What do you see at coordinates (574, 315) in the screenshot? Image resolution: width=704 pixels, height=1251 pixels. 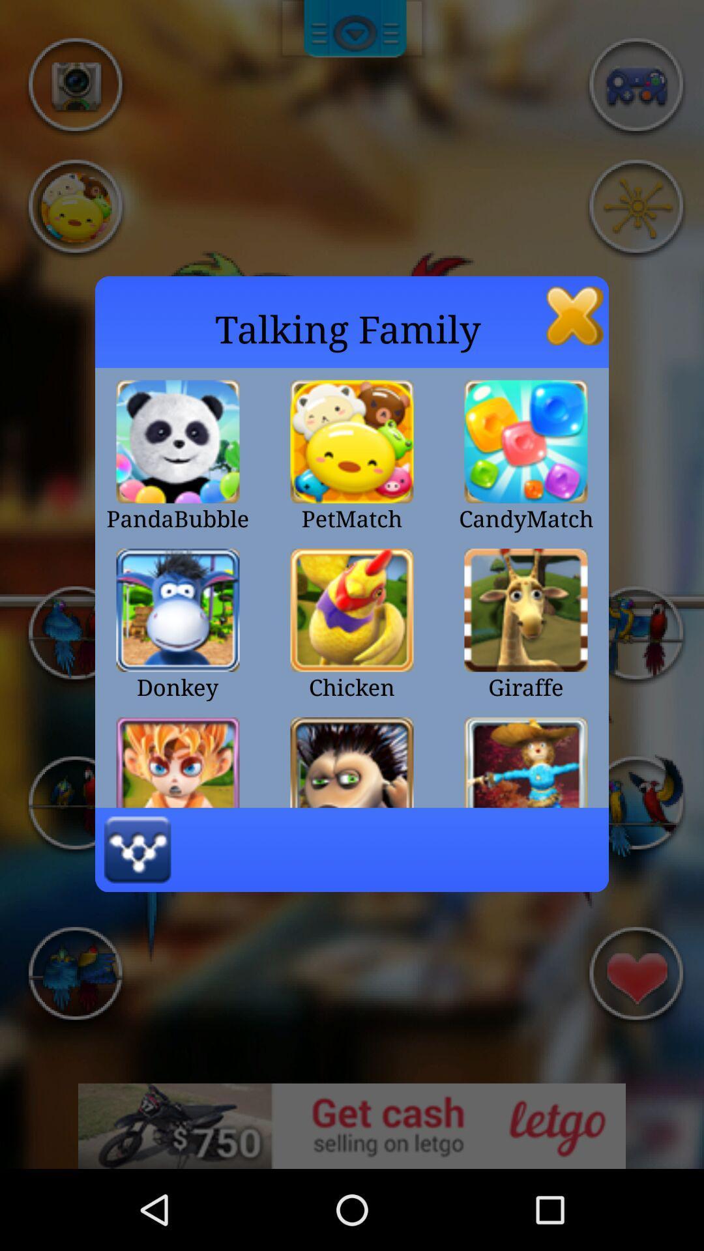 I see `x icon on top right hand side when clicked will exit the current screen` at bounding box center [574, 315].